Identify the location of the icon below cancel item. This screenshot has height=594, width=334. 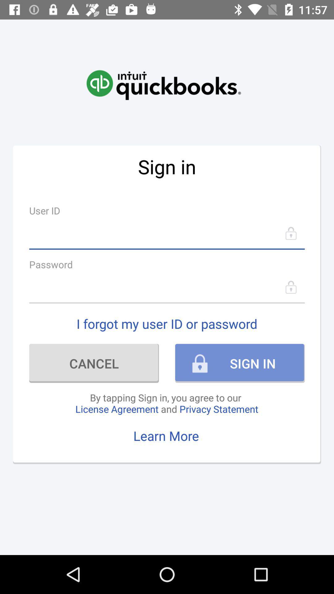
(166, 403).